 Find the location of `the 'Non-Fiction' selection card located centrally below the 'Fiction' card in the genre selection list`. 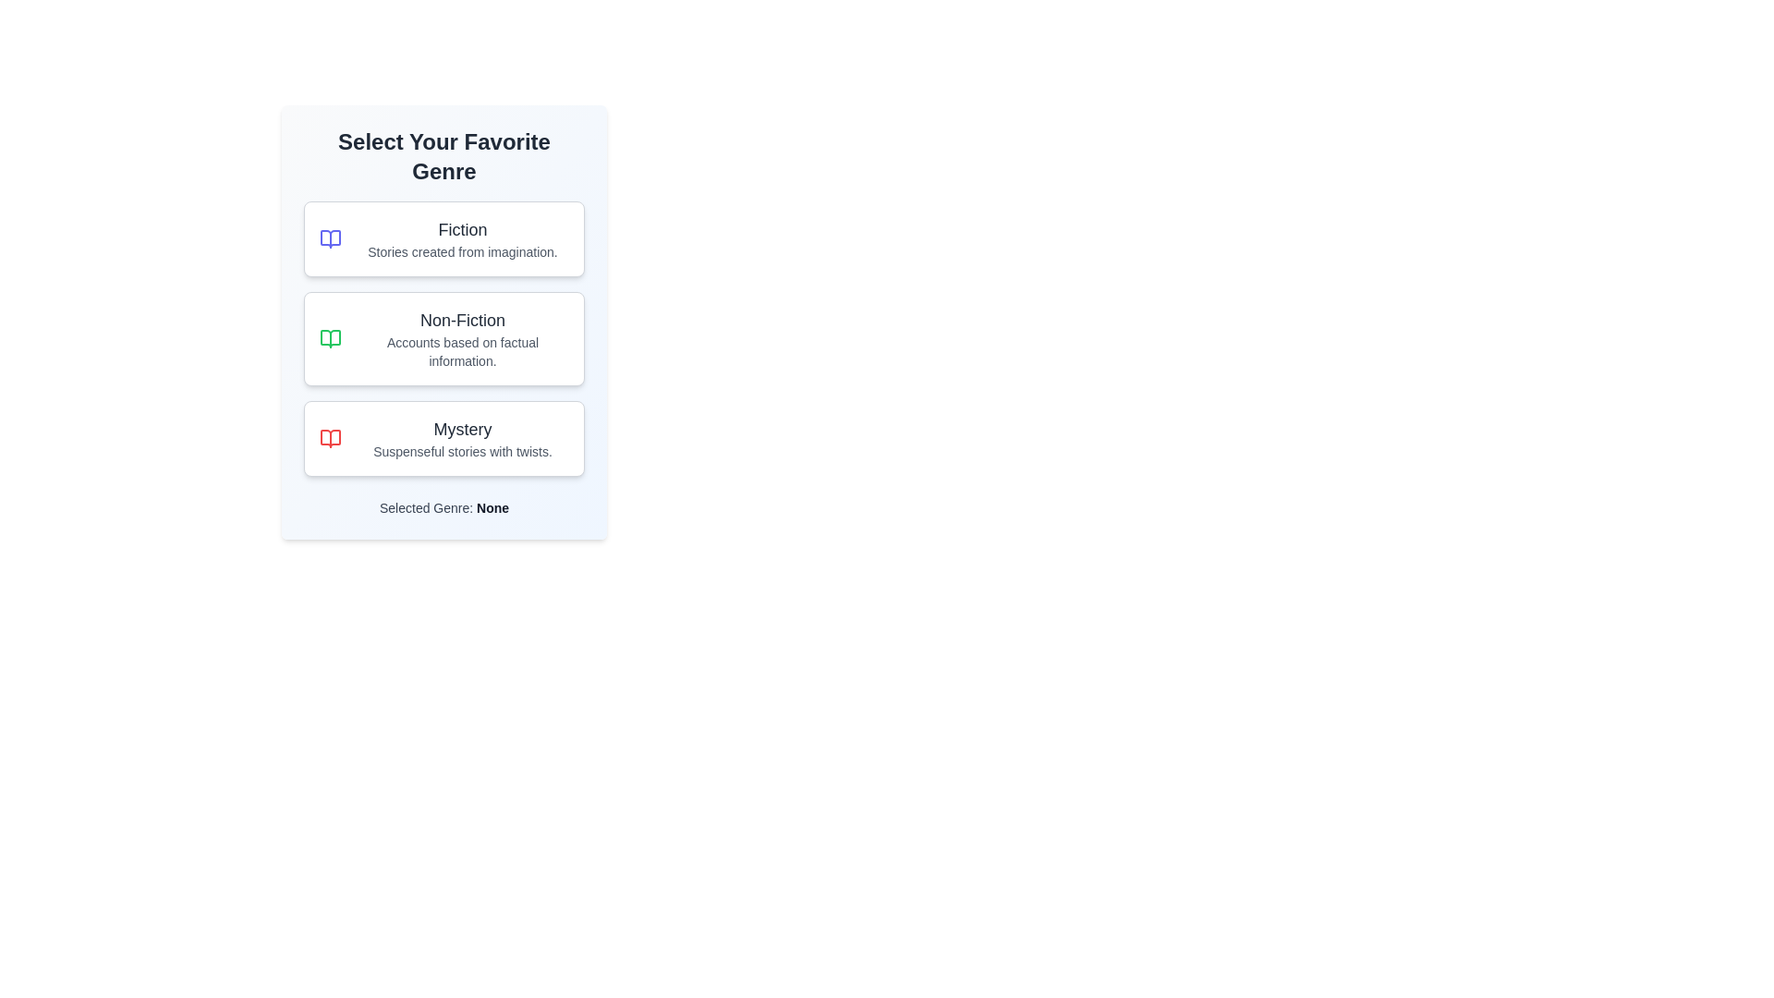

the 'Non-Fiction' selection card located centrally below the 'Fiction' card in the genre selection list is located at coordinates (443, 338).